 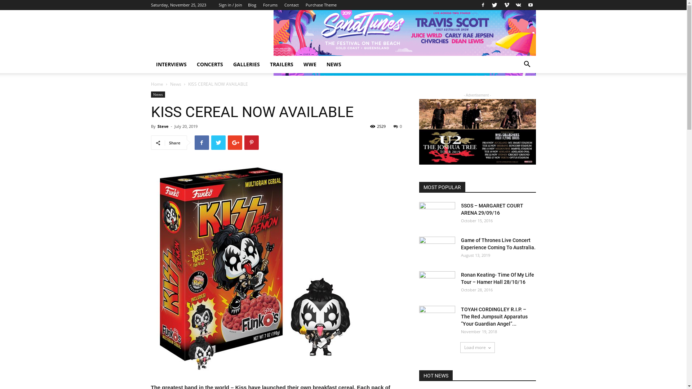 What do you see at coordinates (162, 126) in the screenshot?
I see `'Steve'` at bounding box center [162, 126].